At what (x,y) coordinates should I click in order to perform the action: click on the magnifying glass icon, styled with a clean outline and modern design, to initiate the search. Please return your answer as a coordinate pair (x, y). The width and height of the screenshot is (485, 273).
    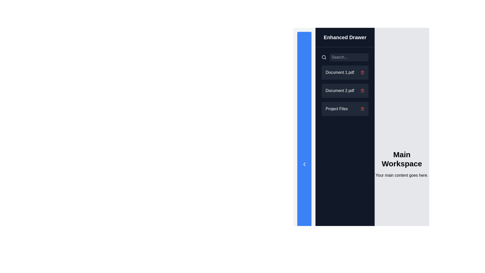
    Looking at the image, I should click on (324, 57).